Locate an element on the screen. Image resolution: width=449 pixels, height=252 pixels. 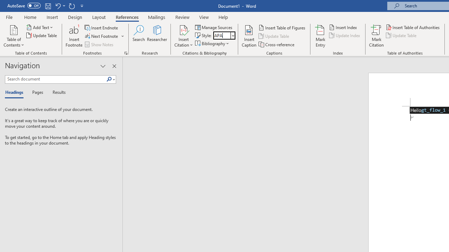
'Insert Index...' is located at coordinates (343, 27).